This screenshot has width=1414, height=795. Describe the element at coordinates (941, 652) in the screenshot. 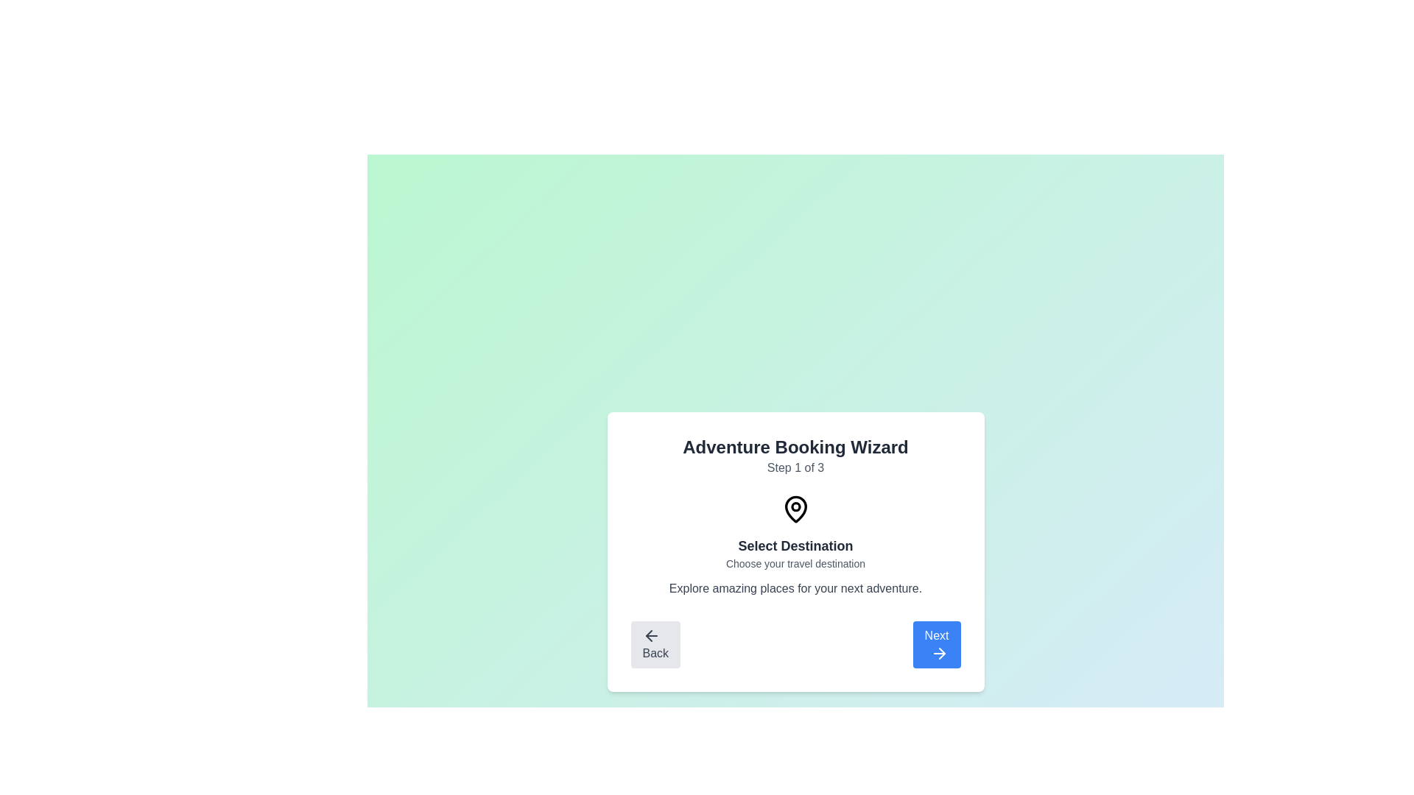

I see `the 'Next' button which contains an arrow icon indicating the next step in the wizard interface` at that location.